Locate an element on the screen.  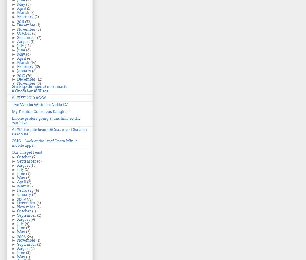
'Our Chapel Feast' is located at coordinates (12, 152).